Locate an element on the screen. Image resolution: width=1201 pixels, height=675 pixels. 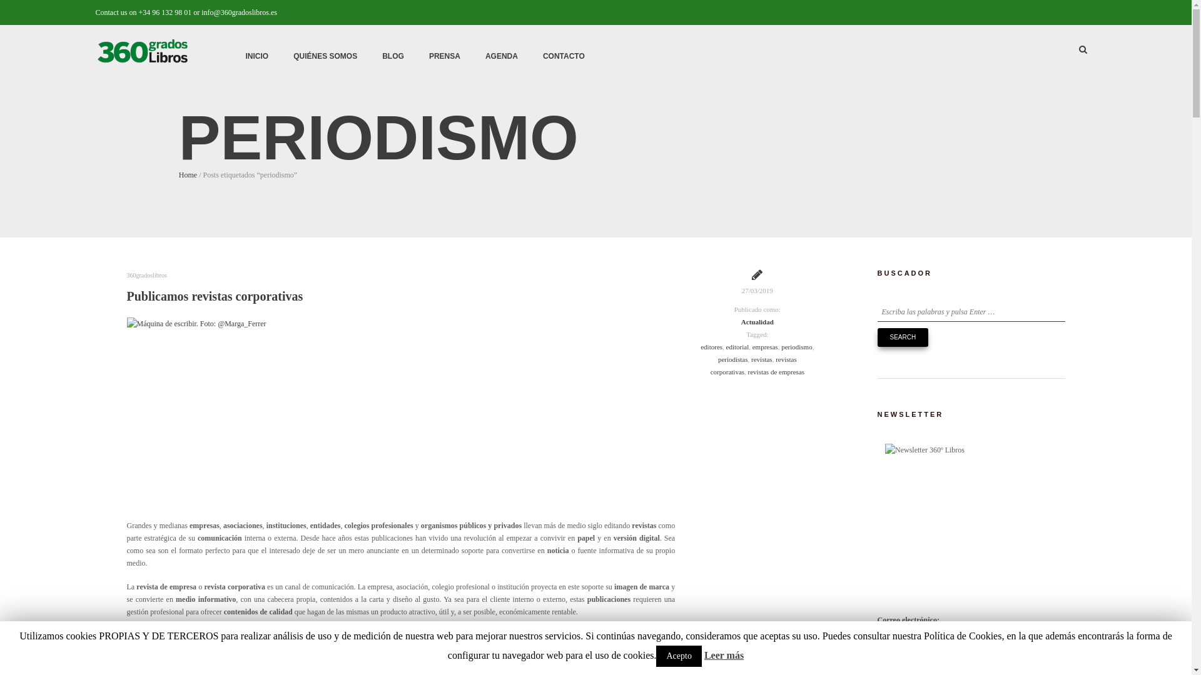
'editorial' is located at coordinates (737, 347).